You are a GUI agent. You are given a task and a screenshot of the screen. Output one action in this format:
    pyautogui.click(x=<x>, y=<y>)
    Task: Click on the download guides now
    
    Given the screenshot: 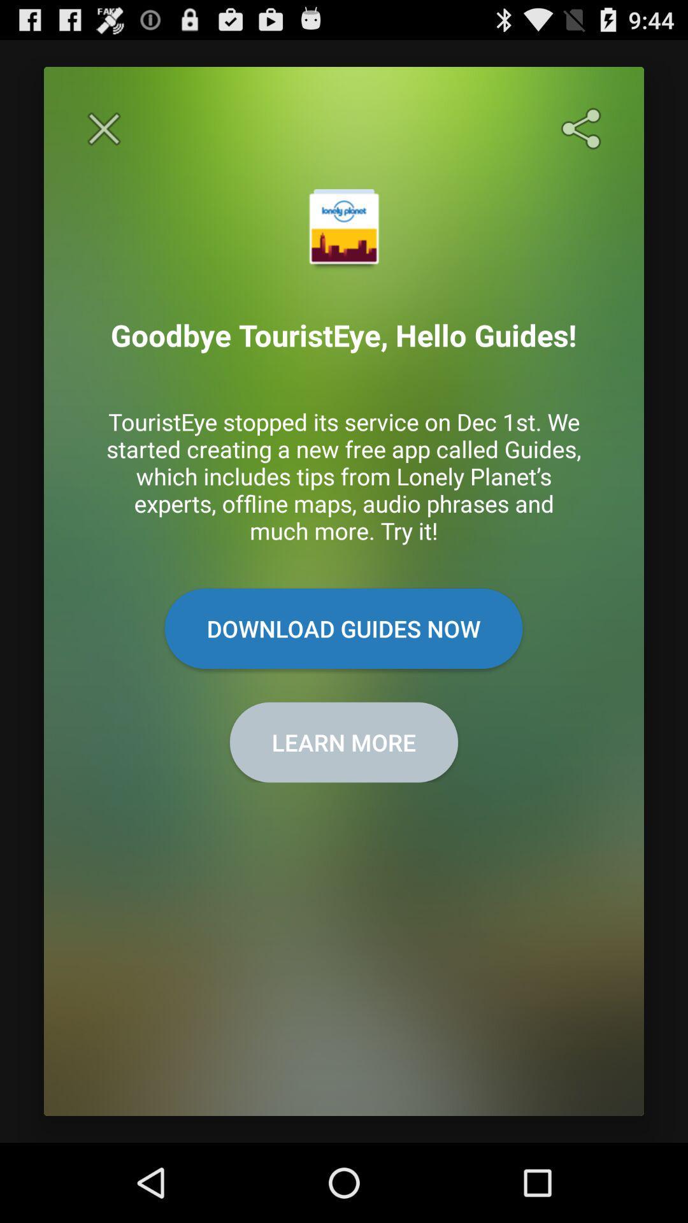 What is the action you would take?
    pyautogui.click(x=343, y=629)
    